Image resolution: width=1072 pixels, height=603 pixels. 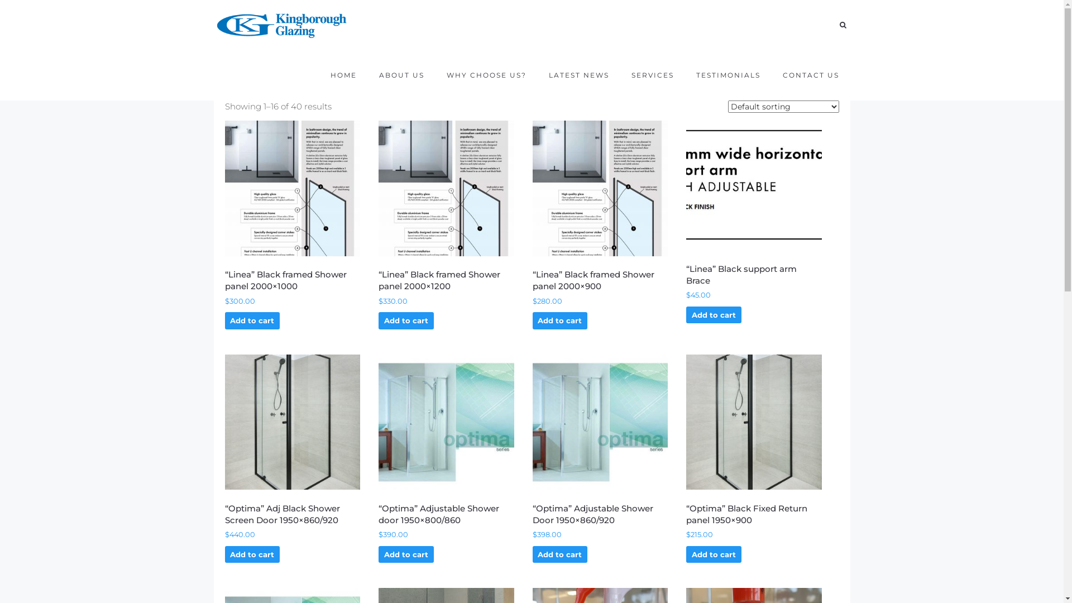 I want to click on 'TESTIMONIALS', so click(x=728, y=75).